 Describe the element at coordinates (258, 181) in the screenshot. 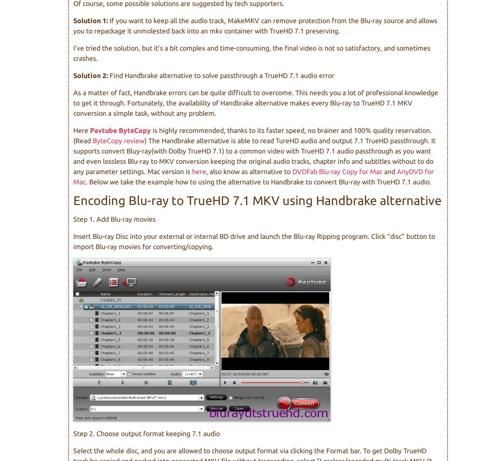

I see `'. Below we take the example how to using the alternative to Handbrake to convert Blu-ray with TrueHD 7.1 audio.'` at that location.